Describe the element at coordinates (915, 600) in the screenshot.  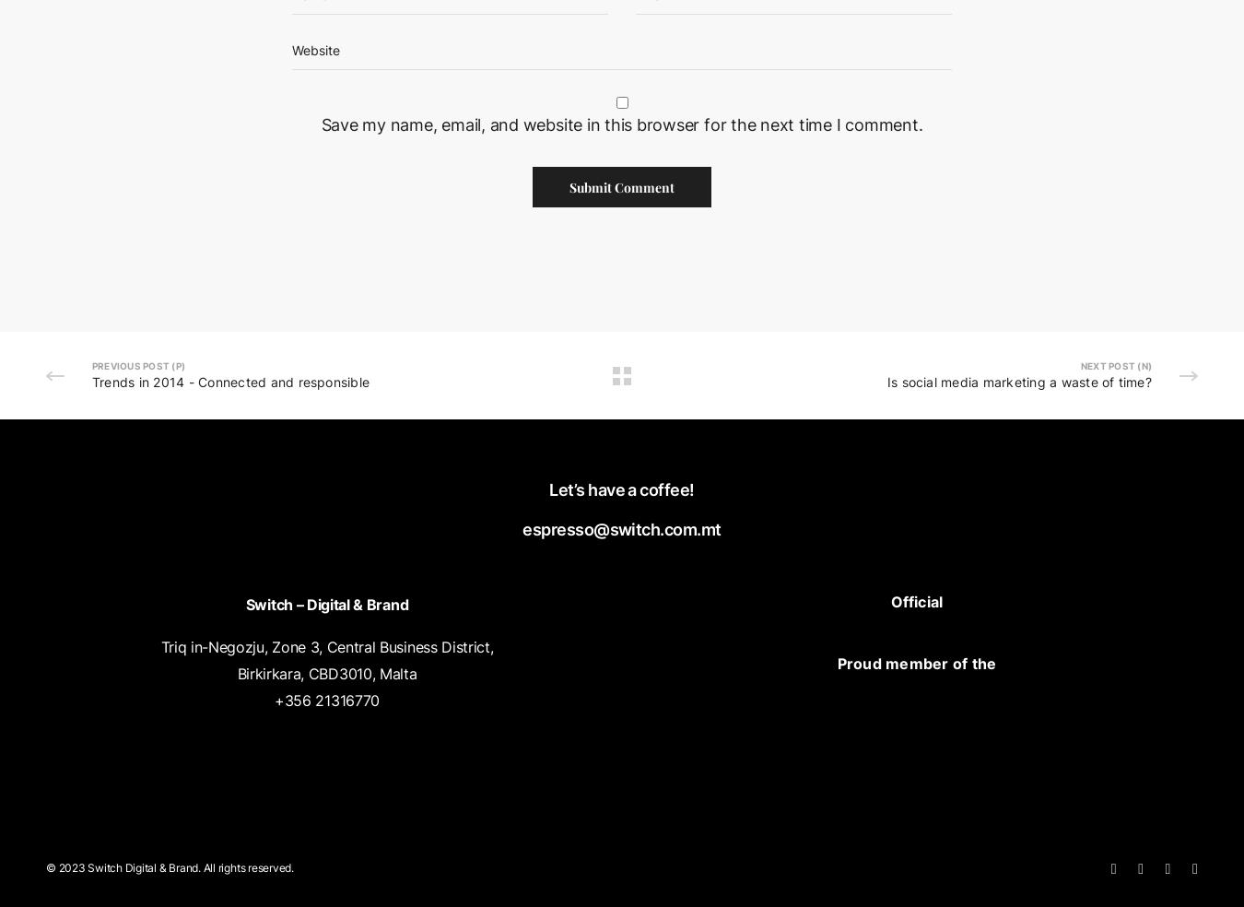
I see `'Official'` at that location.